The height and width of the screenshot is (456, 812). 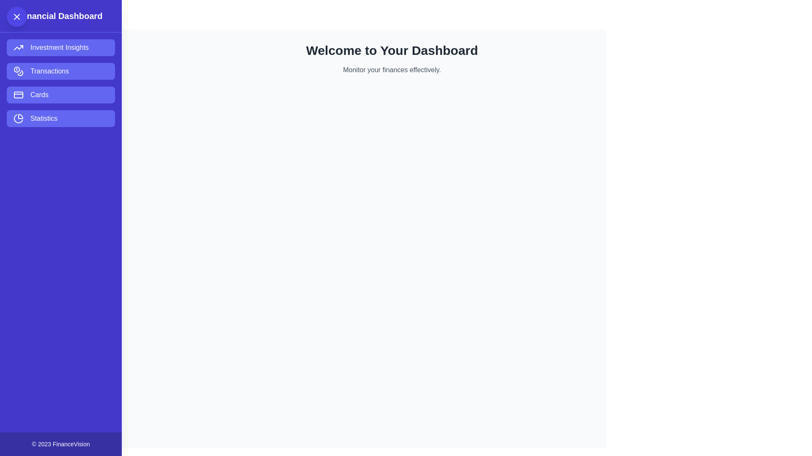 What do you see at coordinates (60, 71) in the screenshot?
I see `the 'Transactions' button with a purple background, which has a white coin icon and is located below the 'Investment Insights' button in the left sidebar` at bounding box center [60, 71].